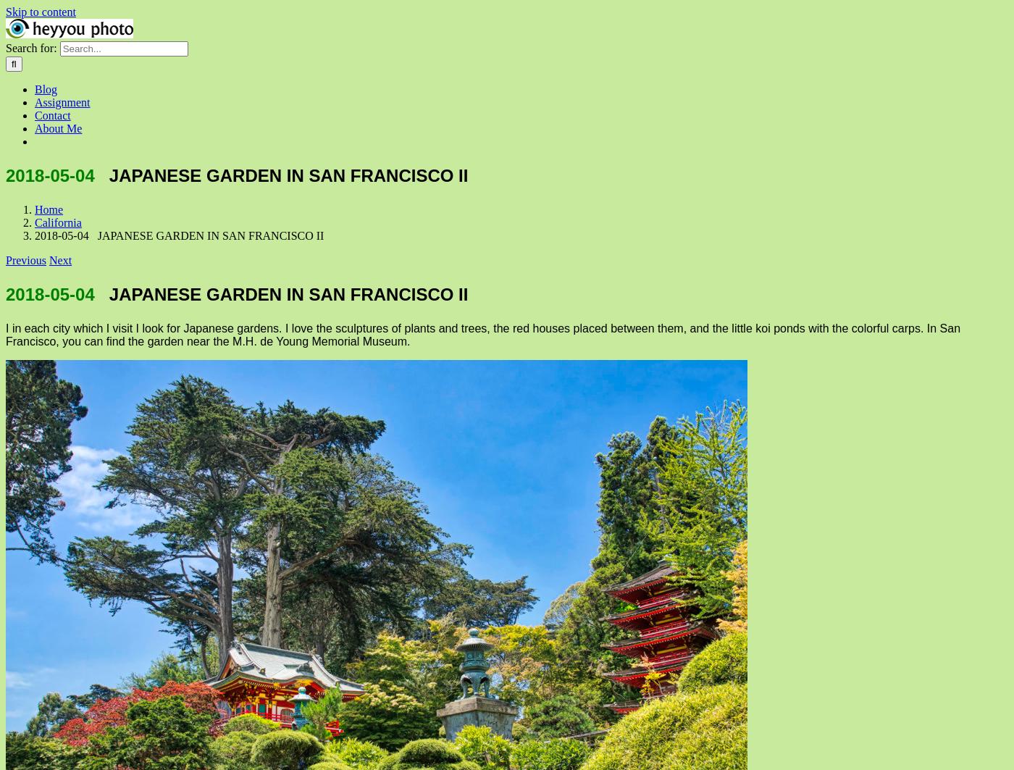  What do you see at coordinates (35, 128) in the screenshot?
I see `'About Me'` at bounding box center [35, 128].